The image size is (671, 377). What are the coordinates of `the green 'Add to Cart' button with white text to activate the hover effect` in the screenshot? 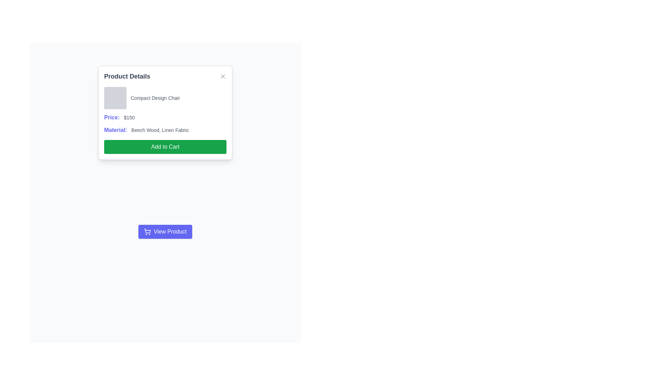 It's located at (165, 146).